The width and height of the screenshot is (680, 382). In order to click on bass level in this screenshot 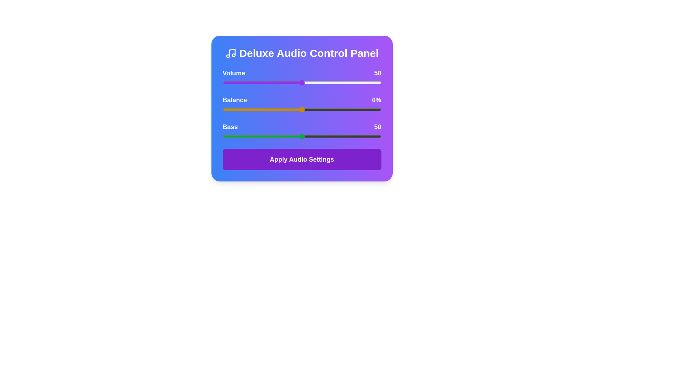, I will do `click(359, 136)`.